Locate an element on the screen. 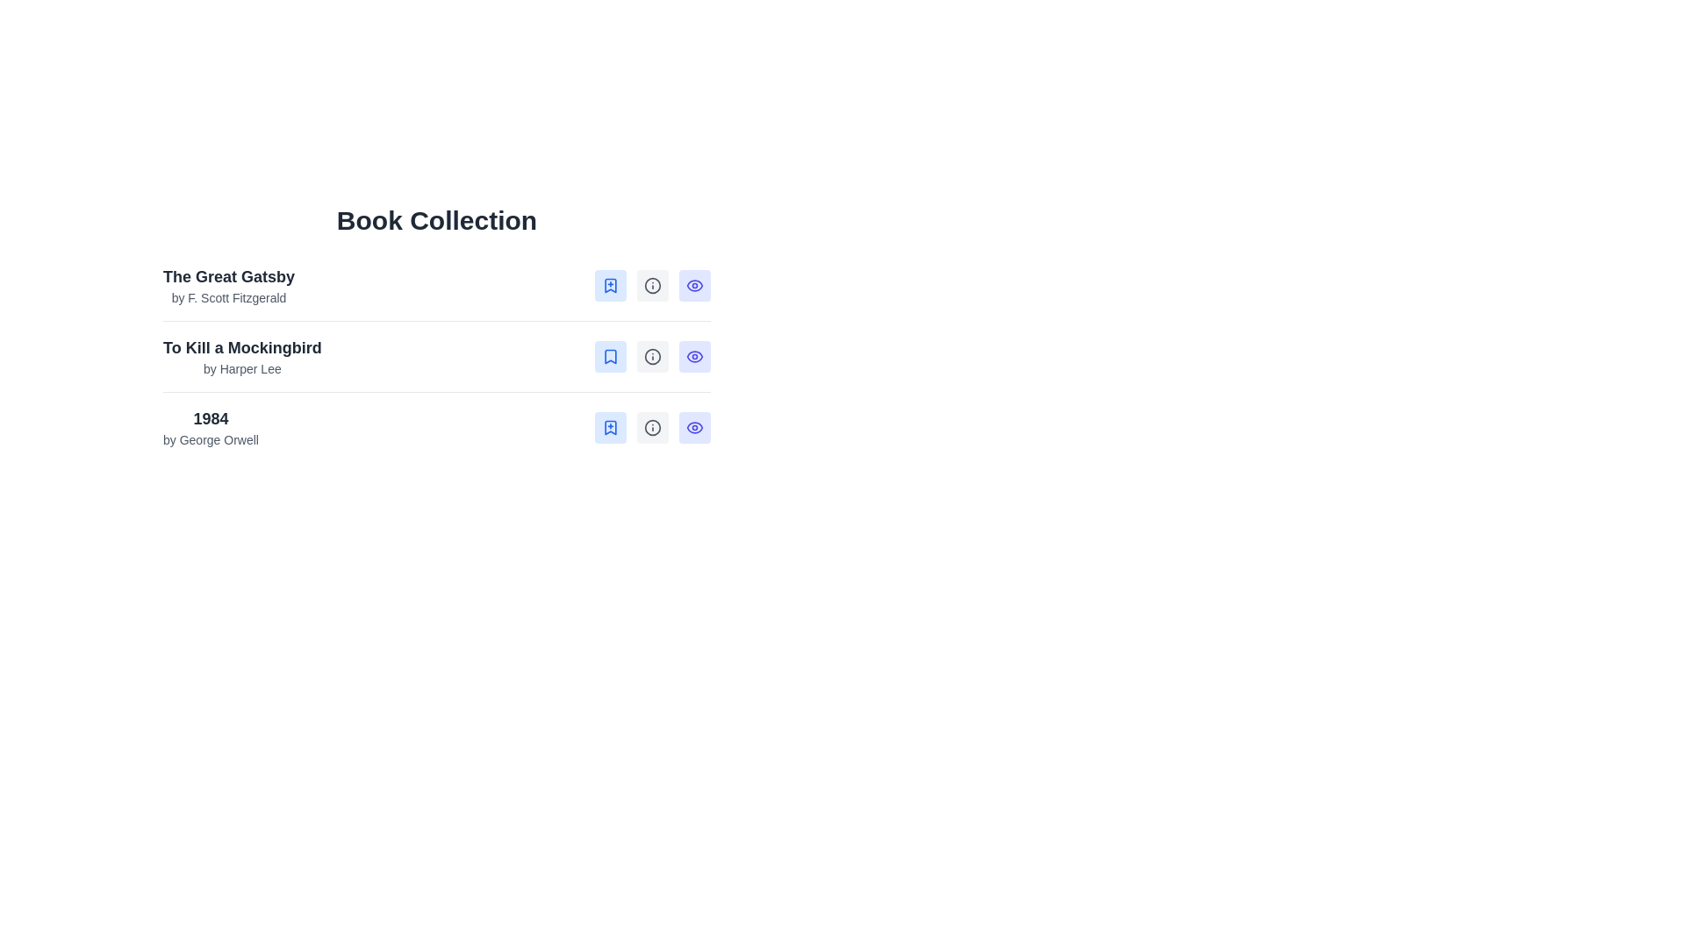 This screenshot has height=947, width=1685. text label that serves as the title for the book '1984' in the 'Book Collection' section, located above 'by George Orwell' is located at coordinates (211, 419).